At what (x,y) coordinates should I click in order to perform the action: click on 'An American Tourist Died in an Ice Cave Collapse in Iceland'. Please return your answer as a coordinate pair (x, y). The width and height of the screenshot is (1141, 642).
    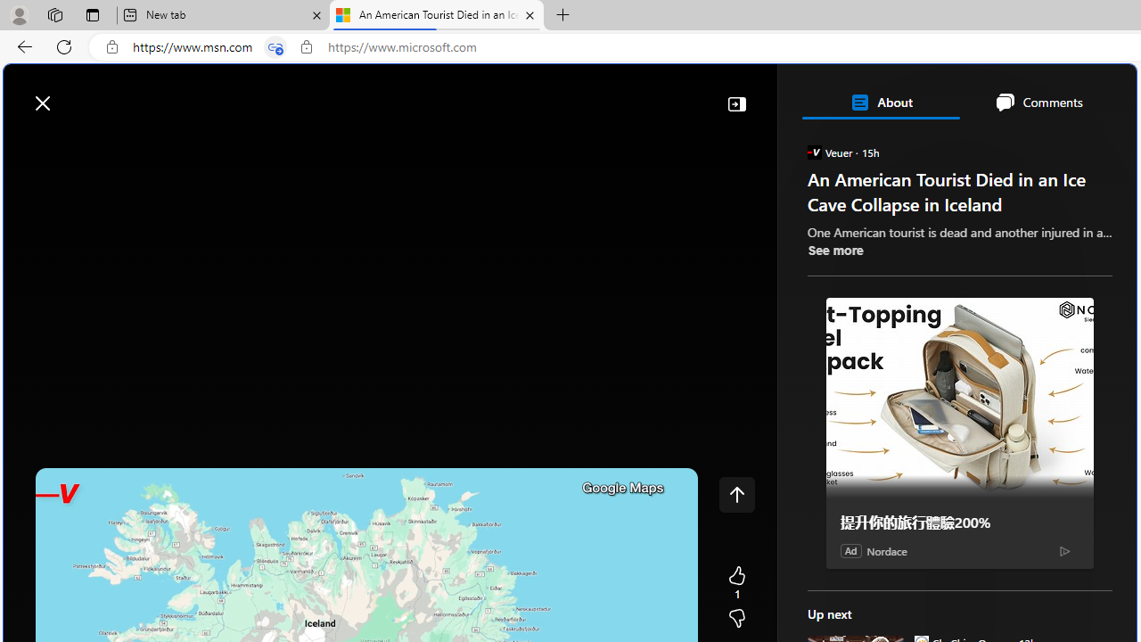
    Looking at the image, I should click on (437, 15).